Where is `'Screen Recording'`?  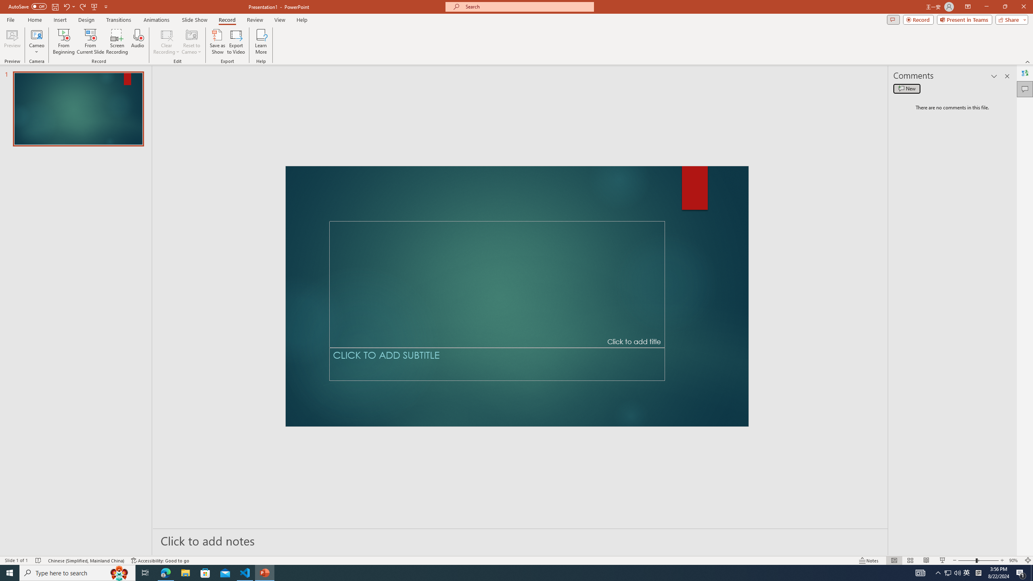 'Screen Recording' is located at coordinates (117, 42).